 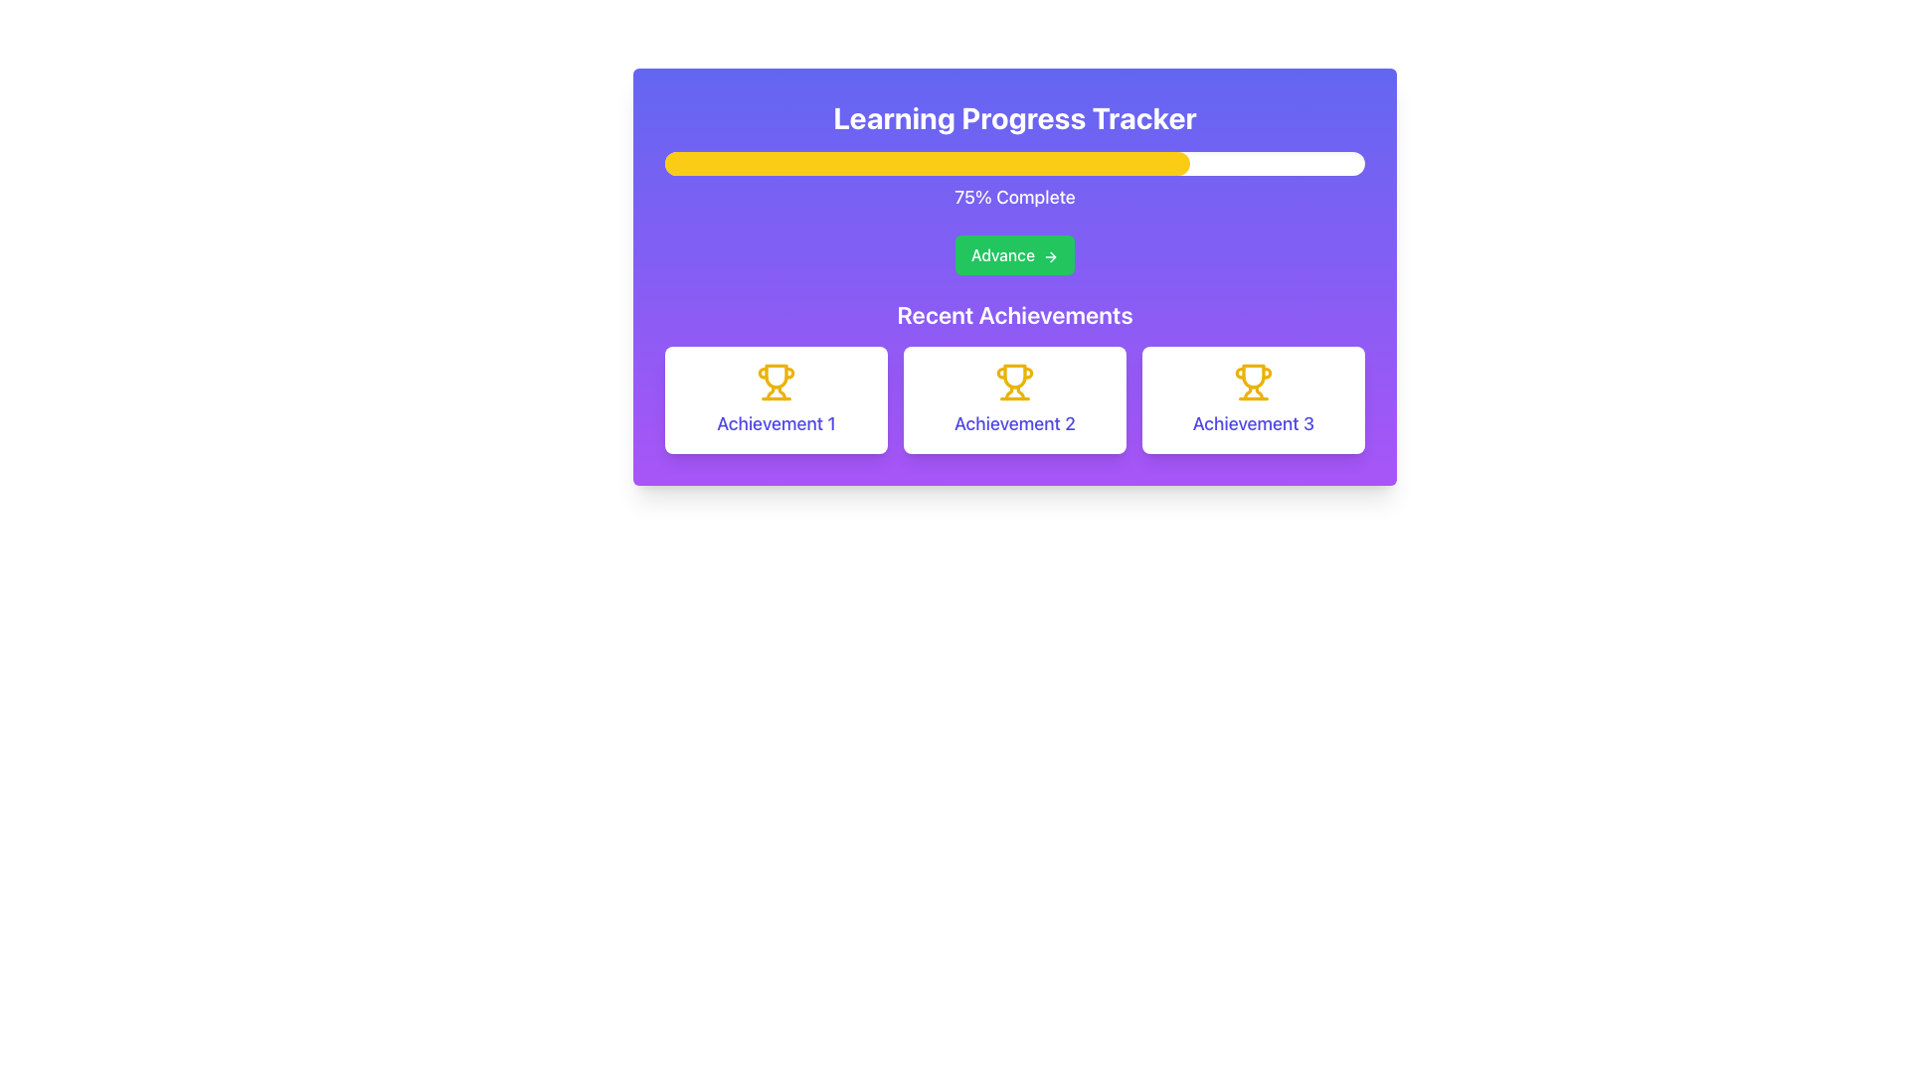 I want to click on the horizontal progress bar with a yellow progress indicator, located below the 'Learning Progress Tracker' title and above the 'Advance' button, which indicates '75% Complete', so click(x=1015, y=163).